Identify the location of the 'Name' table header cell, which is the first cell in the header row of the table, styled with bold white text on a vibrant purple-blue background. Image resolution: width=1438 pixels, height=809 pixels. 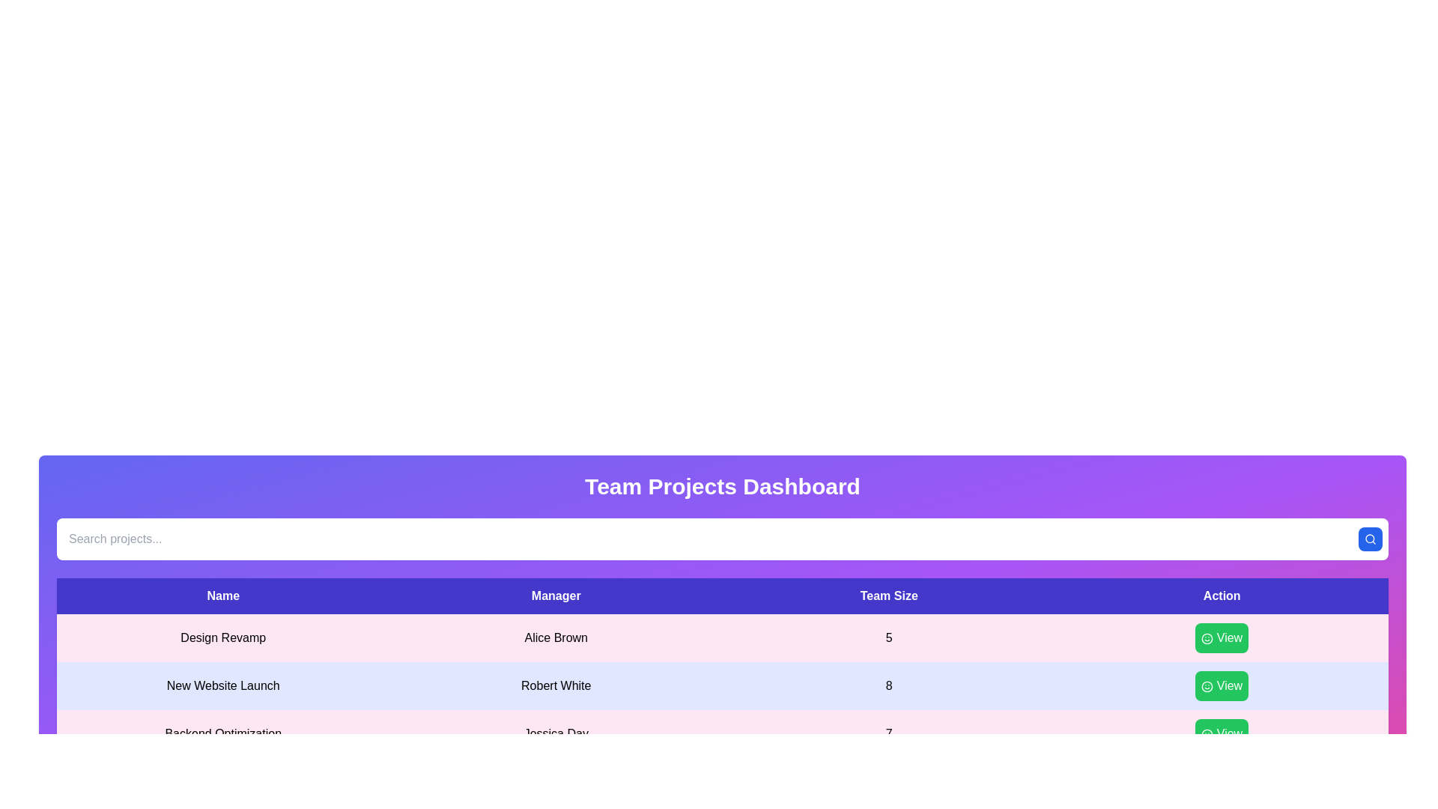
(222, 595).